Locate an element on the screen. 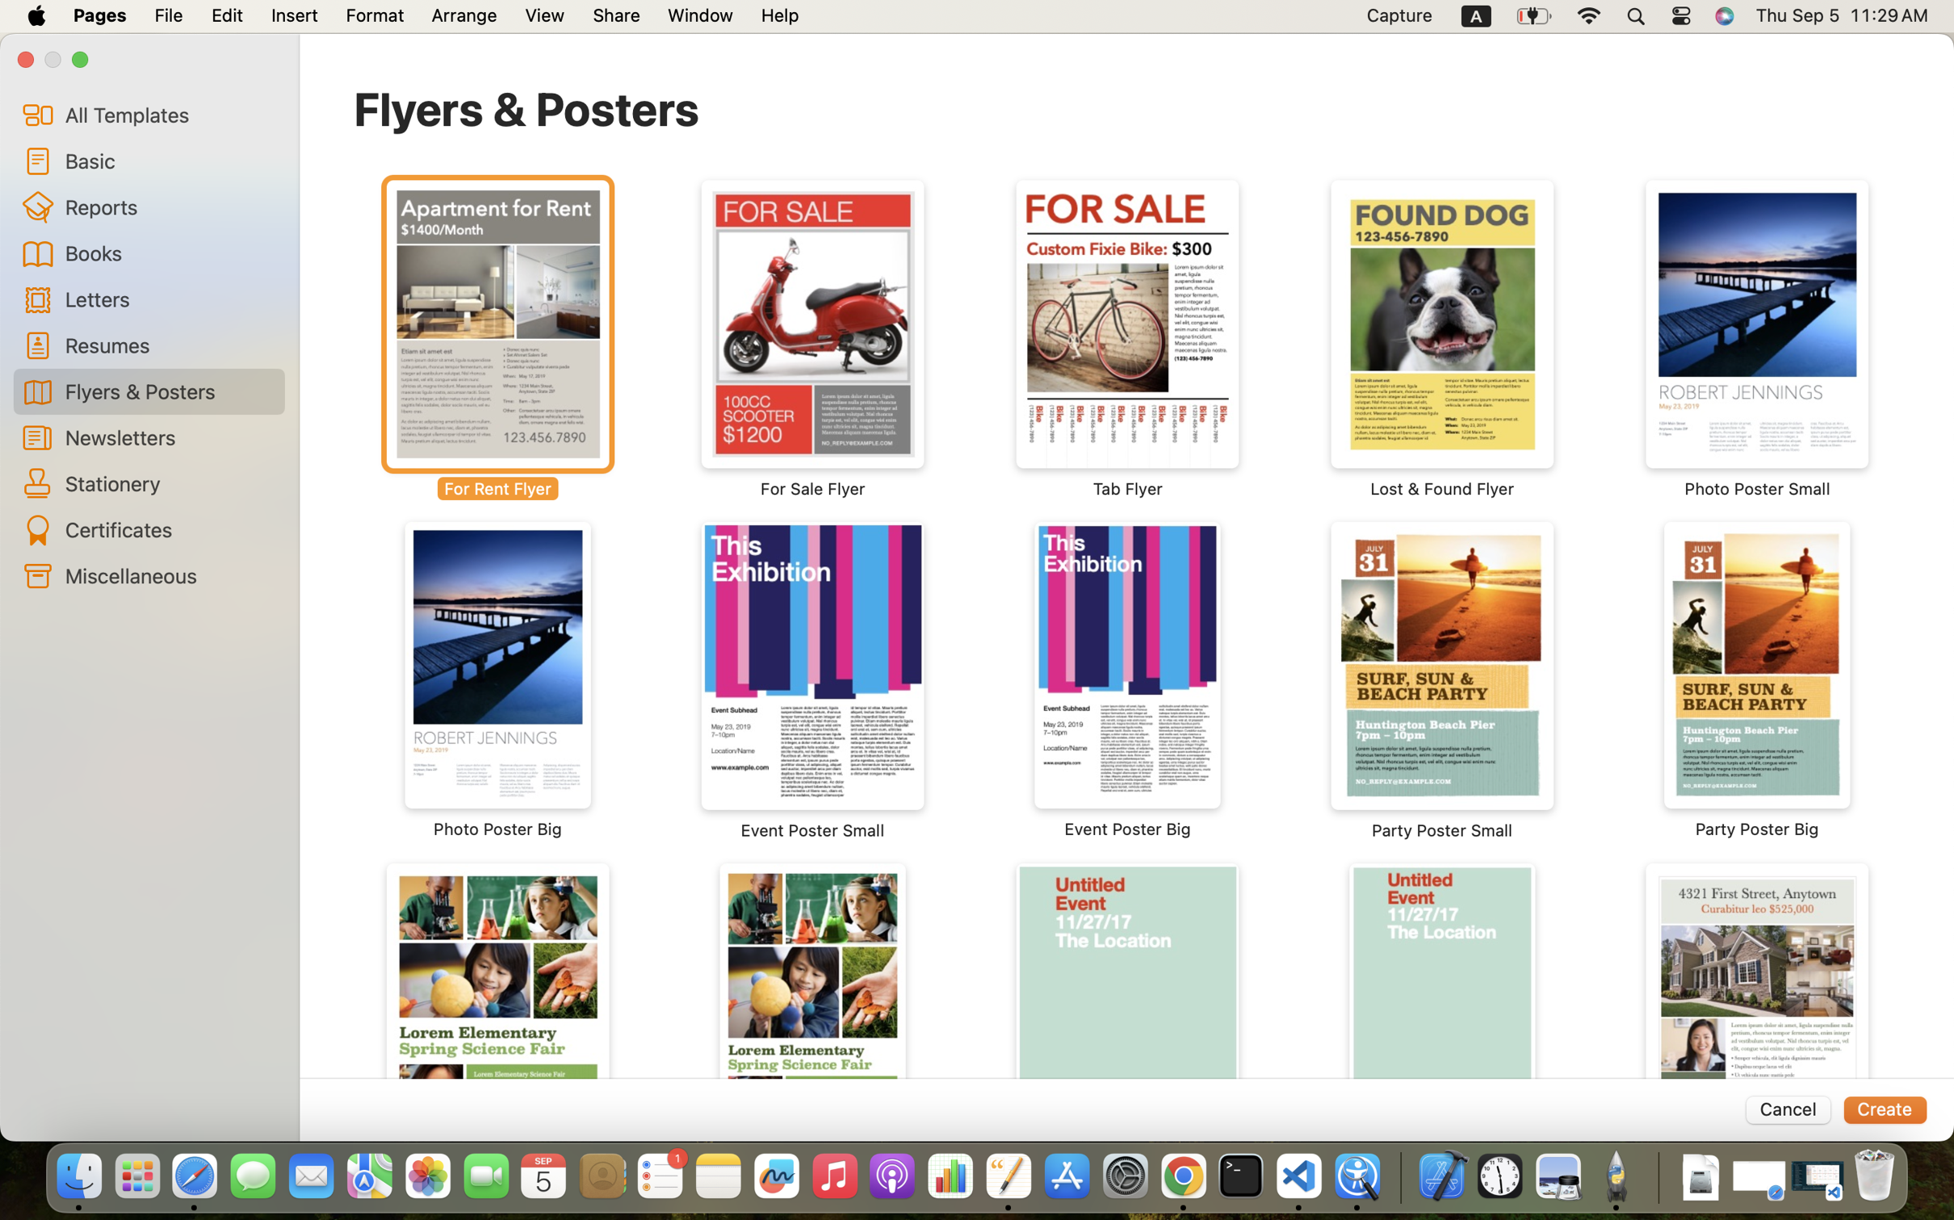 This screenshot has height=1220, width=1954. '‎⁨Party Poster Small⁩' is located at coordinates (1442, 680).